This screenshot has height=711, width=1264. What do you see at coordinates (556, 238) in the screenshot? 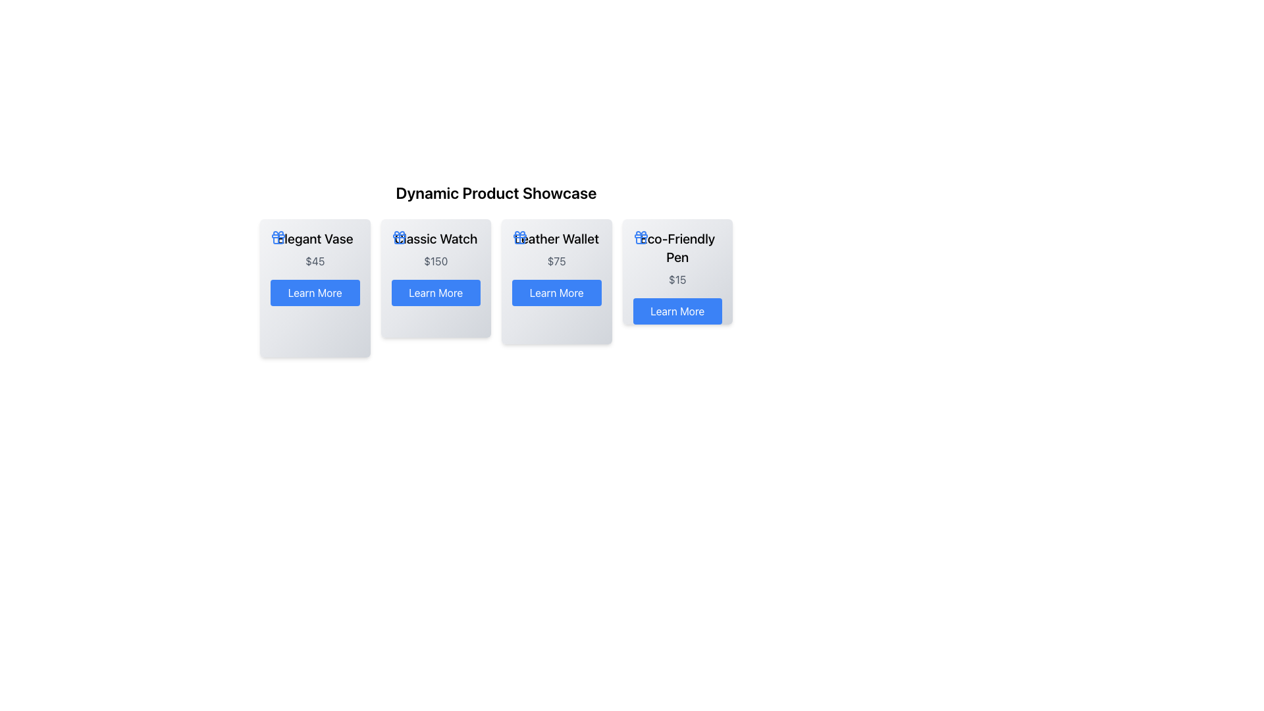
I see `text label that displays 'Leather Wallet', which is the second text item in the product card layout, positioned below an icon and above the '$75' price text` at bounding box center [556, 238].